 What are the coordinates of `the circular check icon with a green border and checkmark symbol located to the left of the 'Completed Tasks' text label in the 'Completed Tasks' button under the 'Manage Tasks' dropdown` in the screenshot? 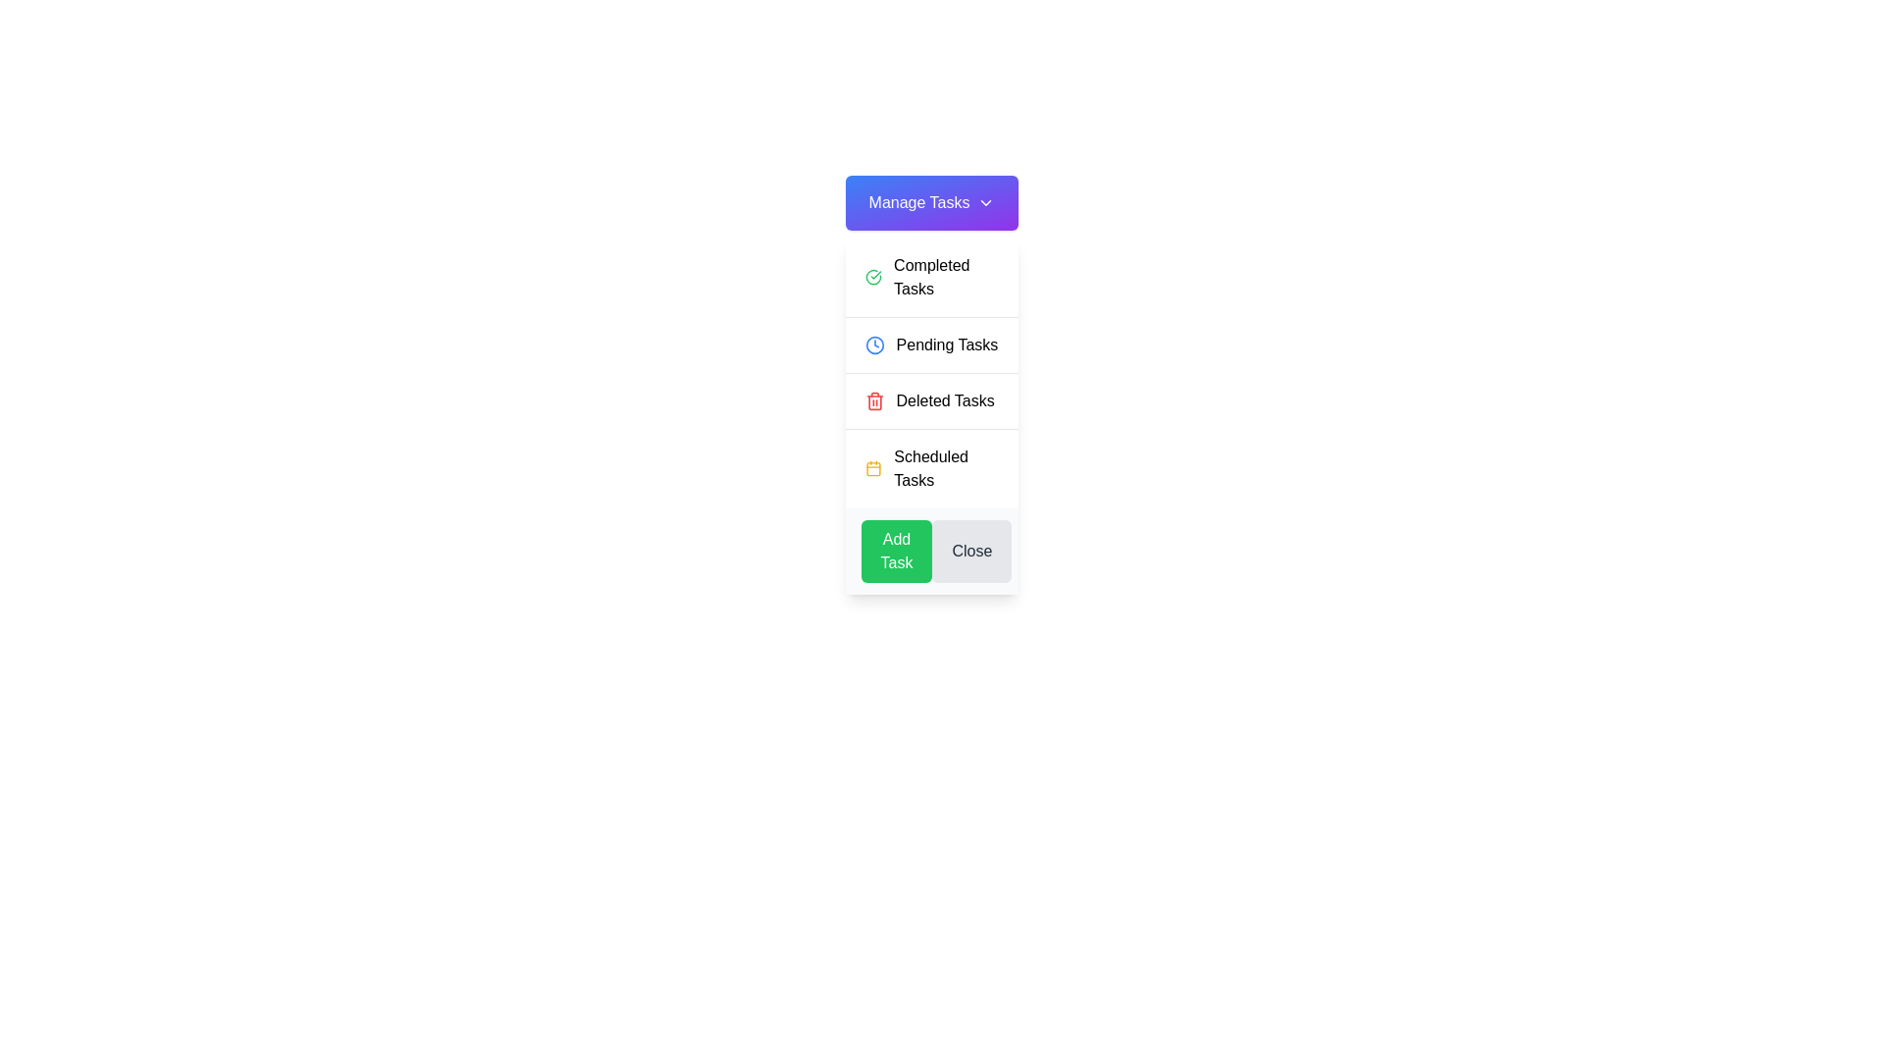 It's located at (872, 277).